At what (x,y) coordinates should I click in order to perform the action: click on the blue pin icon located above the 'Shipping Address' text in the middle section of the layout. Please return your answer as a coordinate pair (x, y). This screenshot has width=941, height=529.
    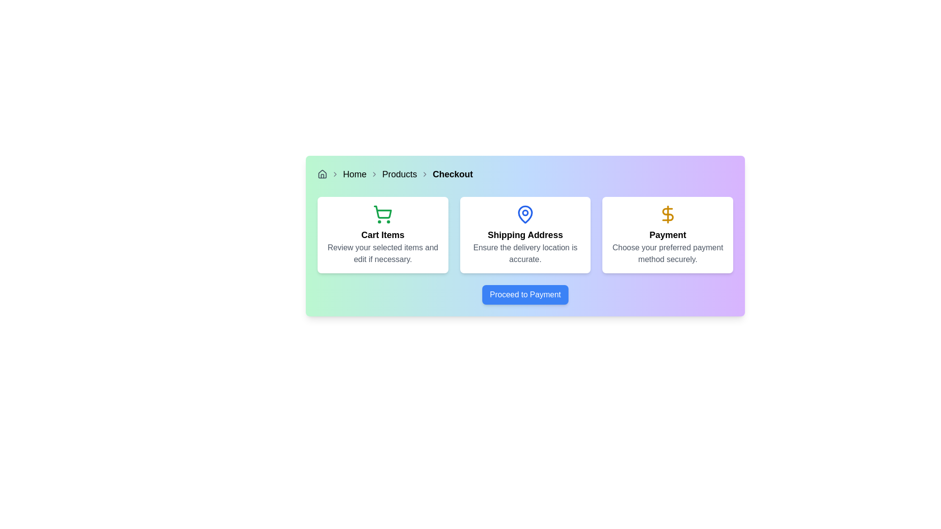
    Looking at the image, I should click on (524, 214).